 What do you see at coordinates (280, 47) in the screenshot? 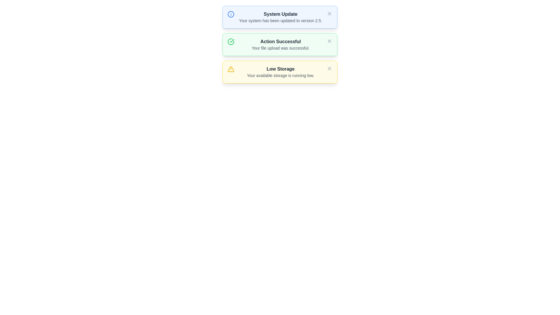
I see `the notification panel to trigger the hover effect` at bounding box center [280, 47].